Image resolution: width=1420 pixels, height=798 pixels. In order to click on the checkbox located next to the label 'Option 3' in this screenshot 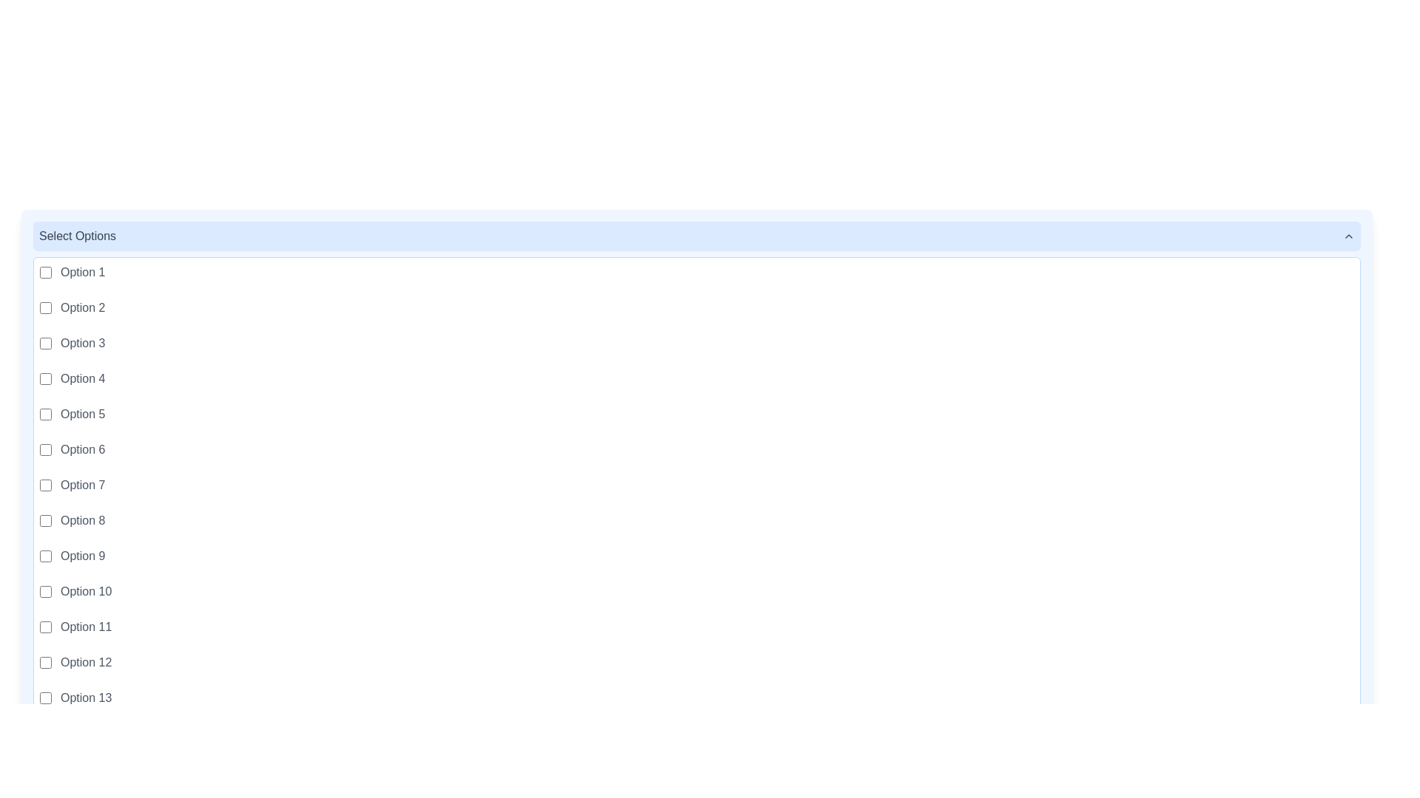, I will do `click(46, 344)`.